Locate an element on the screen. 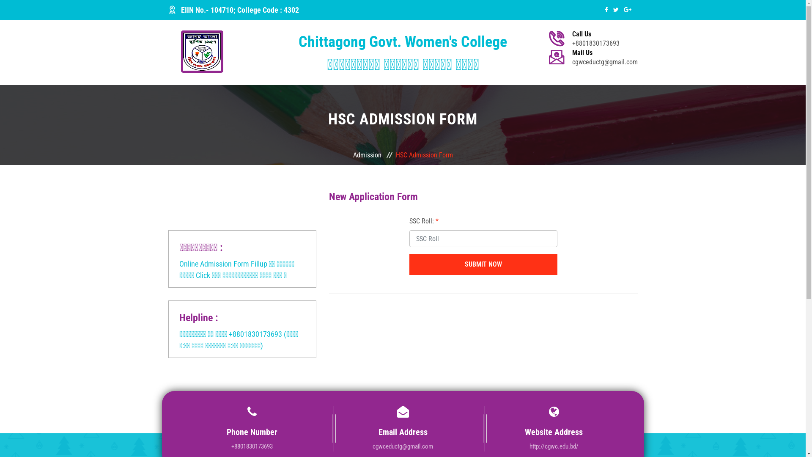 This screenshot has height=457, width=812. 'Call Us is located at coordinates (604, 39).